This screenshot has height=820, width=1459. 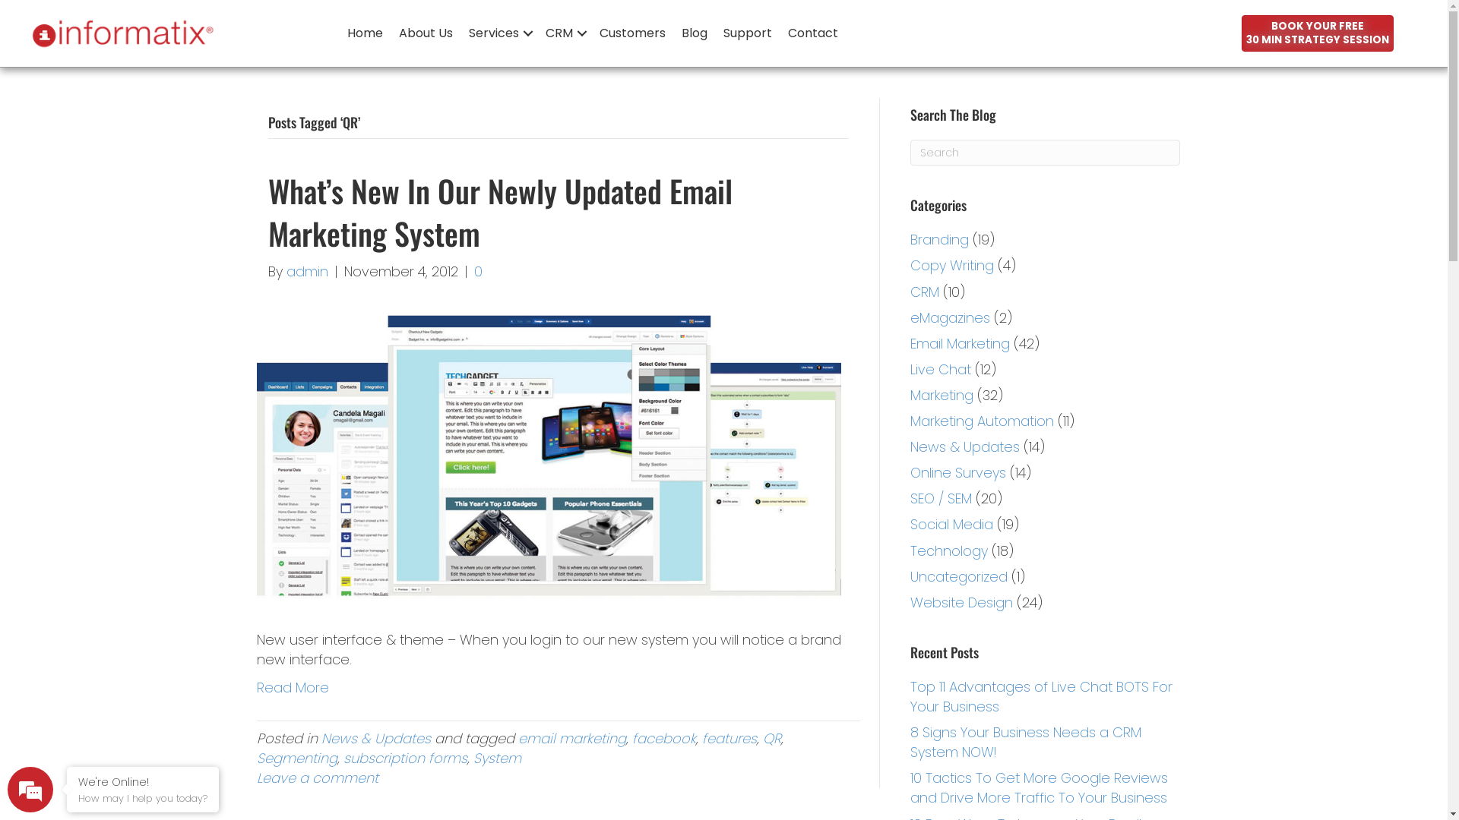 What do you see at coordinates (296, 758) in the screenshot?
I see `'Segmenting'` at bounding box center [296, 758].